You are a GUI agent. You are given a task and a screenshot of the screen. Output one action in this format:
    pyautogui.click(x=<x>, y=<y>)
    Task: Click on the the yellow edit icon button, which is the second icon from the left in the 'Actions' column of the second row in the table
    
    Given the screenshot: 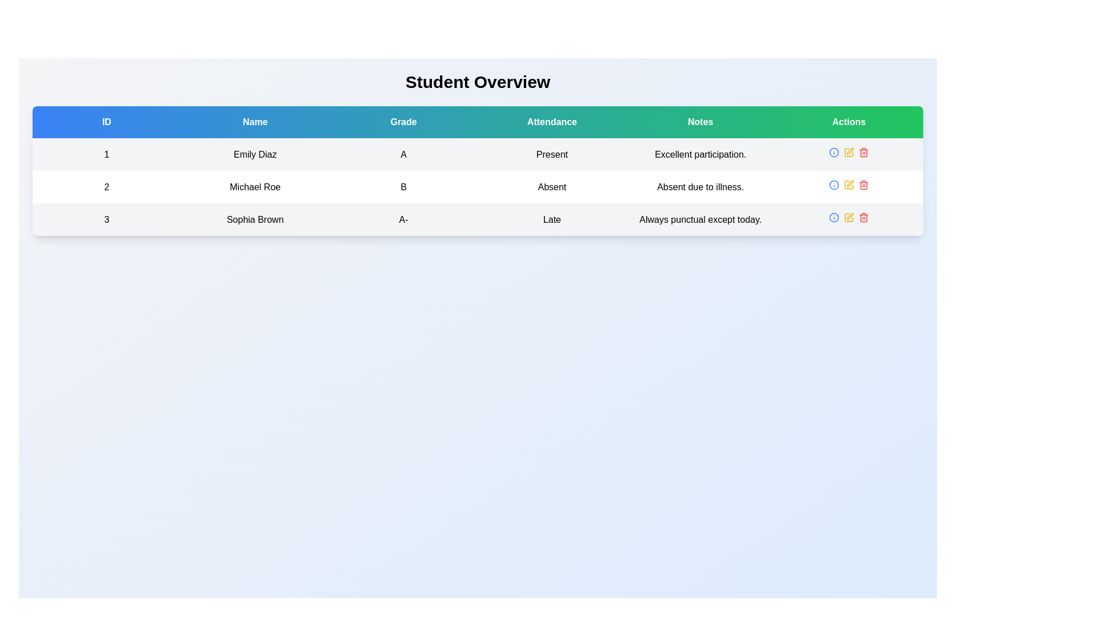 What is the action you would take?
    pyautogui.click(x=849, y=185)
    